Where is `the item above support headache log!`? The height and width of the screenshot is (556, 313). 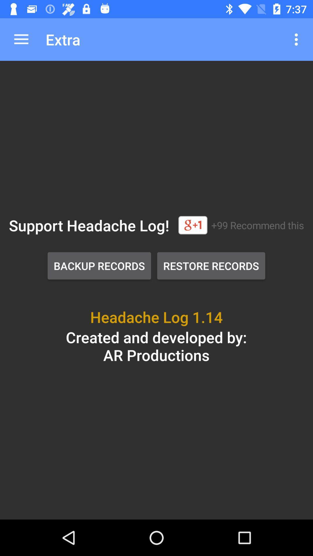
the item above support headache log! is located at coordinates (21, 39).